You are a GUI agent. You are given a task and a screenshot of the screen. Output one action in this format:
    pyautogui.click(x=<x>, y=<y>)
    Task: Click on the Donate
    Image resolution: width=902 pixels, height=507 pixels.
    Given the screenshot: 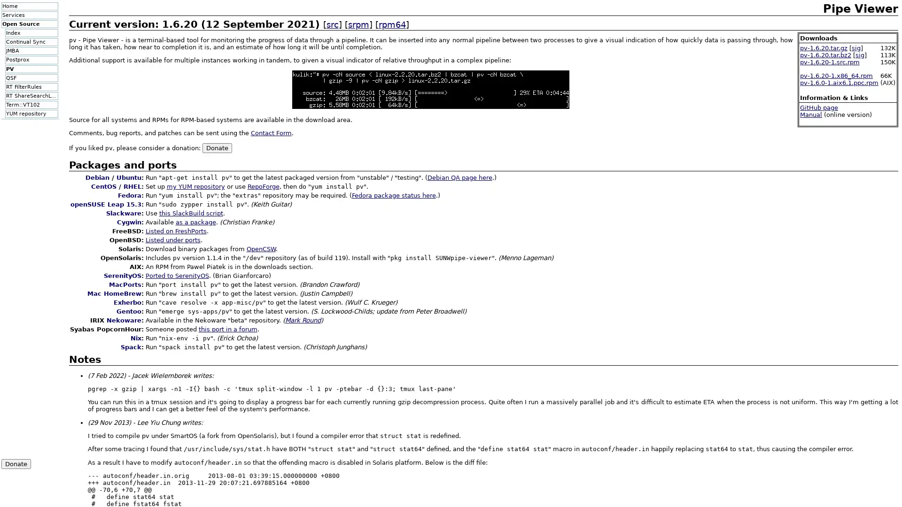 What is the action you would take?
    pyautogui.click(x=216, y=147)
    